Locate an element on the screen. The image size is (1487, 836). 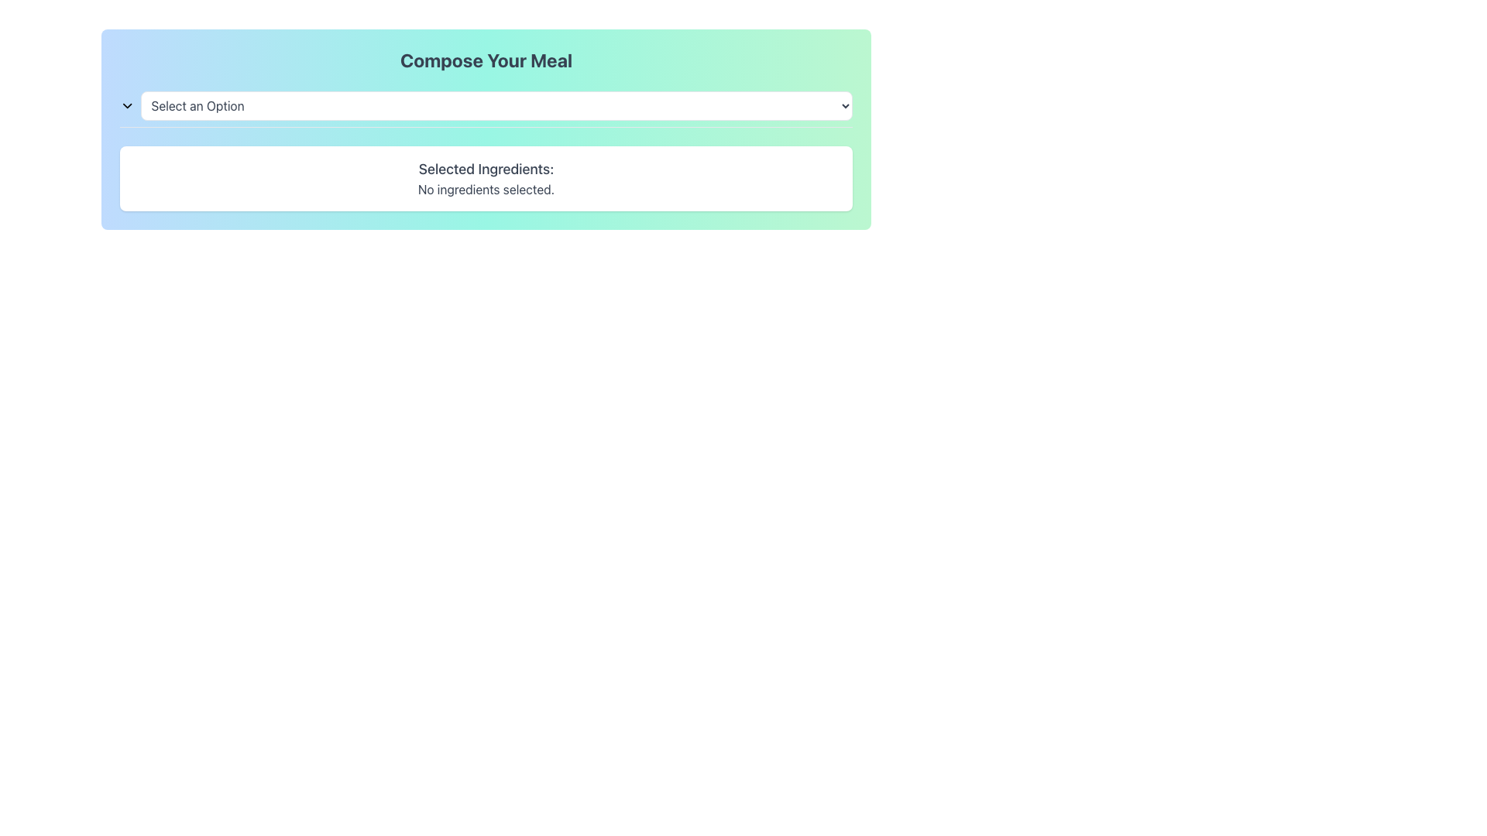
the dropdown menu labeled 'Select an Option' using keyboard navigation with tab and arrow keys is located at coordinates (486, 108).